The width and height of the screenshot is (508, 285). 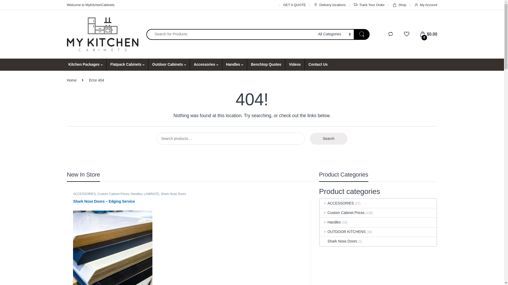 I want to click on 'GET A QUOTE', so click(x=283, y=5).